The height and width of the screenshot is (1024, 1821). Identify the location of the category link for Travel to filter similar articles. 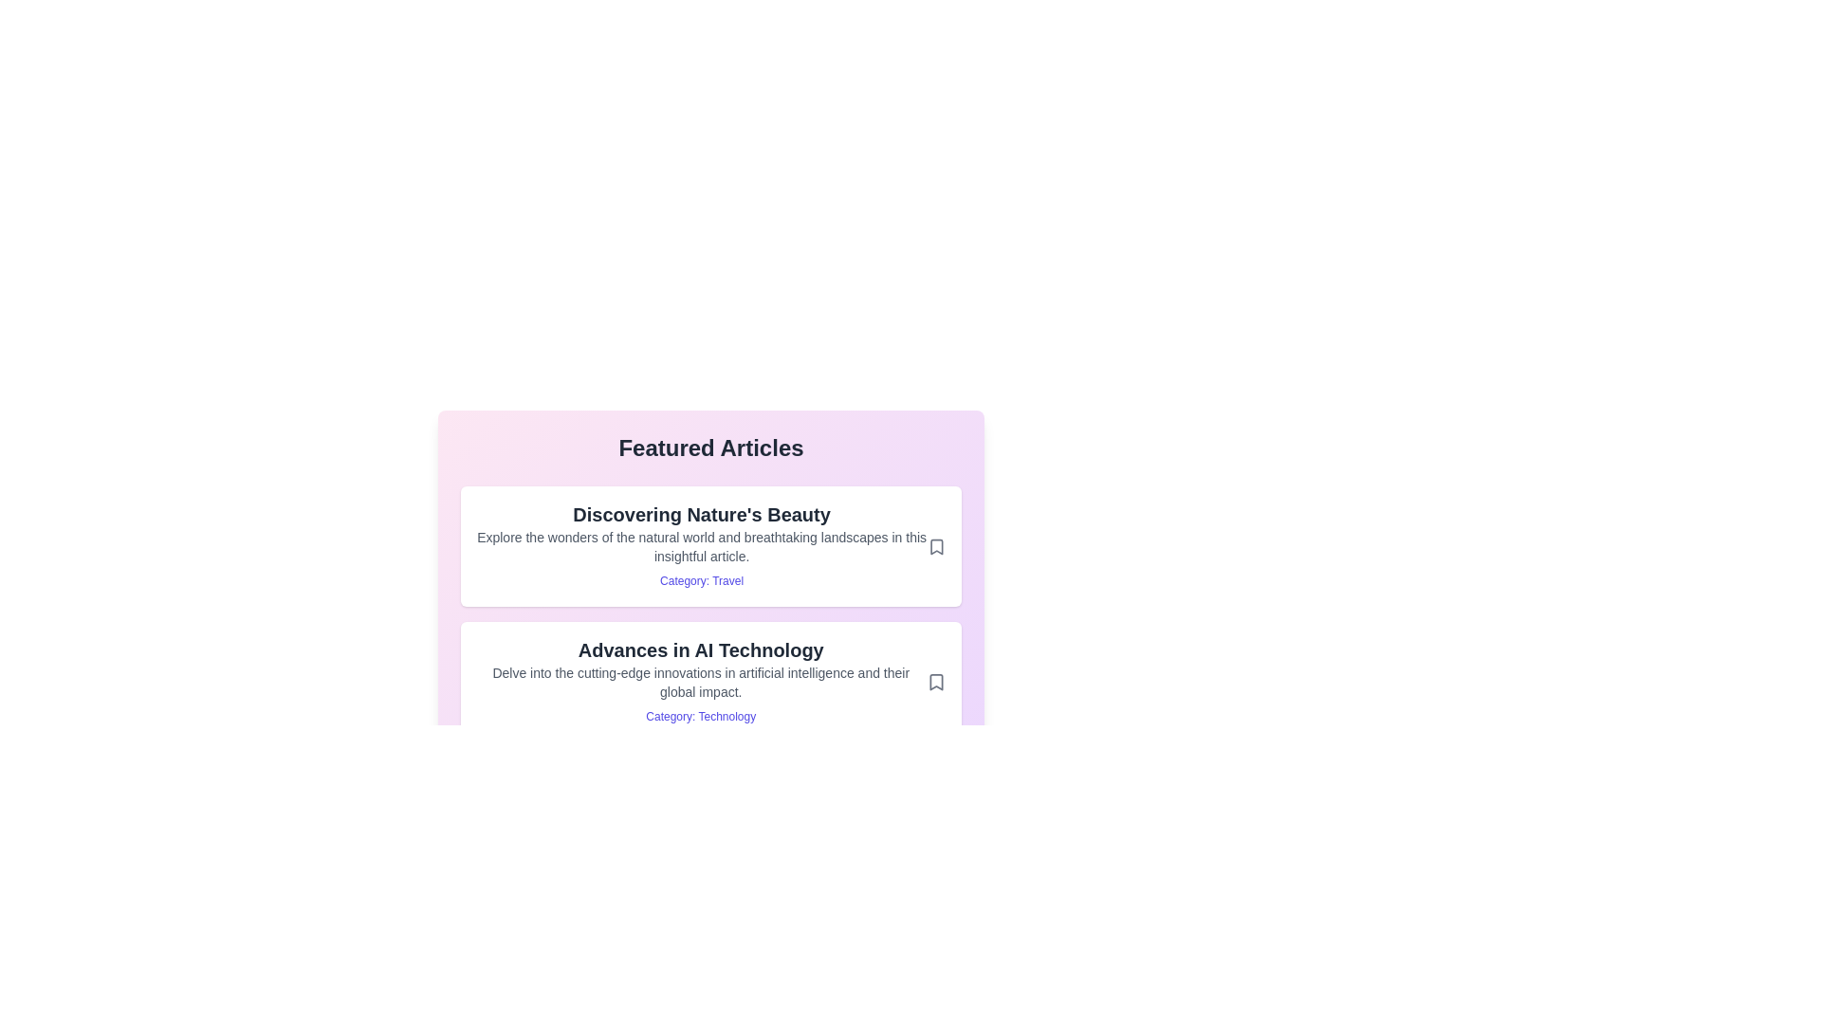
(701, 580).